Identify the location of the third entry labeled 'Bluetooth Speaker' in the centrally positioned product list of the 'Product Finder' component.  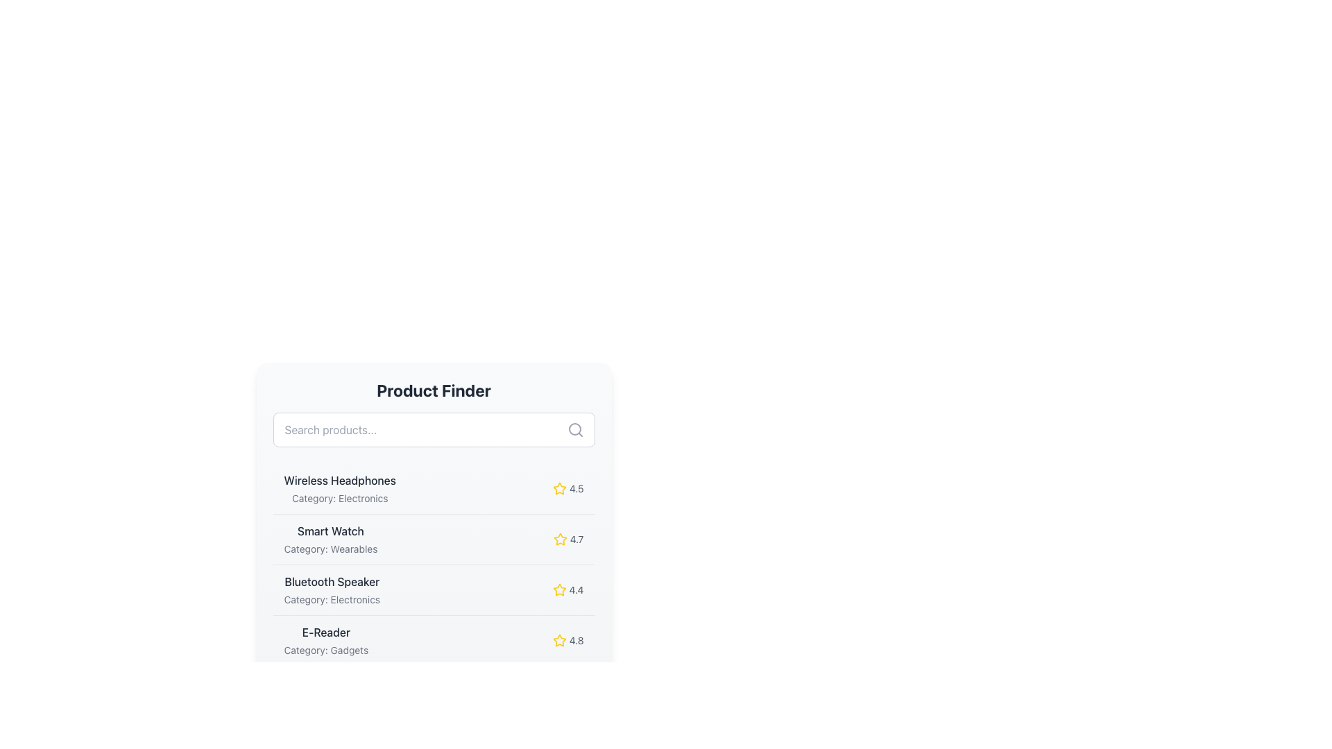
(433, 590).